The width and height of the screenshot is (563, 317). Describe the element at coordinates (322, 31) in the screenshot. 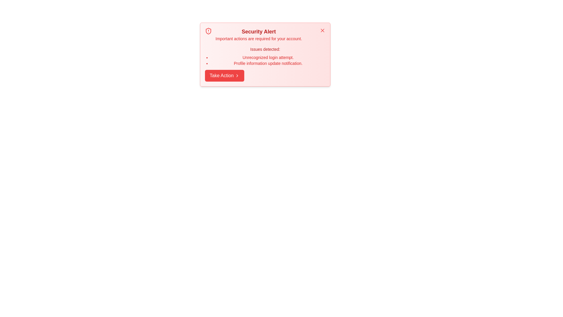

I see `the close button to dismiss the alert` at that location.